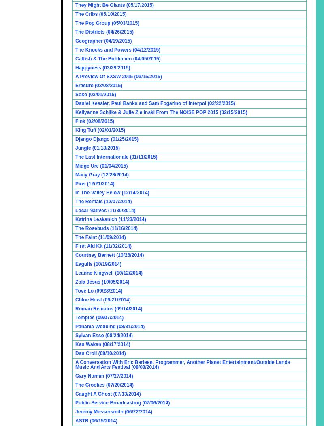 Image resolution: width=324 pixels, height=426 pixels. Describe the element at coordinates (95, 94) in the screenshot. I see `'Soko (03/01/2015)'` at that location.